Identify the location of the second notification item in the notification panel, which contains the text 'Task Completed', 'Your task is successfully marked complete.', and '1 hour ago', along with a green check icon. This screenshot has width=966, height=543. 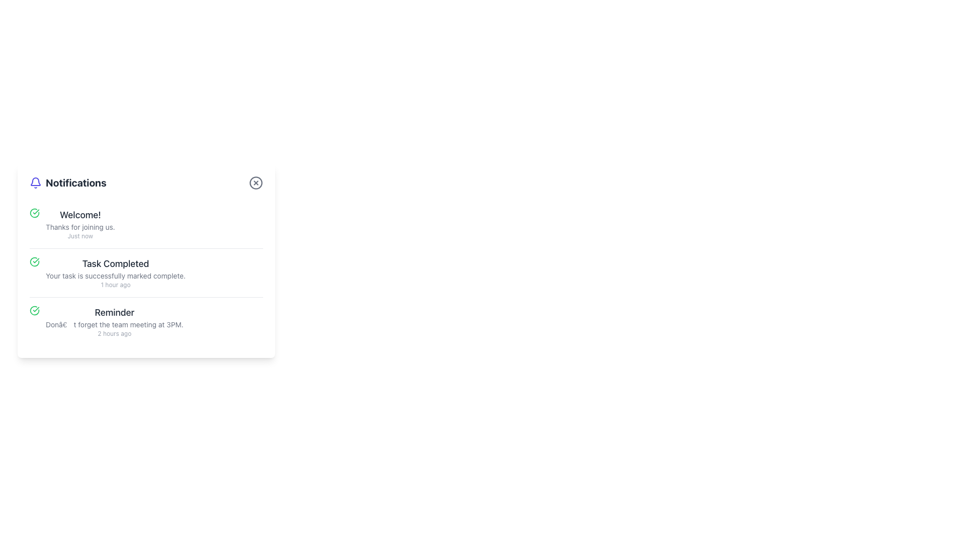
(146, 273).